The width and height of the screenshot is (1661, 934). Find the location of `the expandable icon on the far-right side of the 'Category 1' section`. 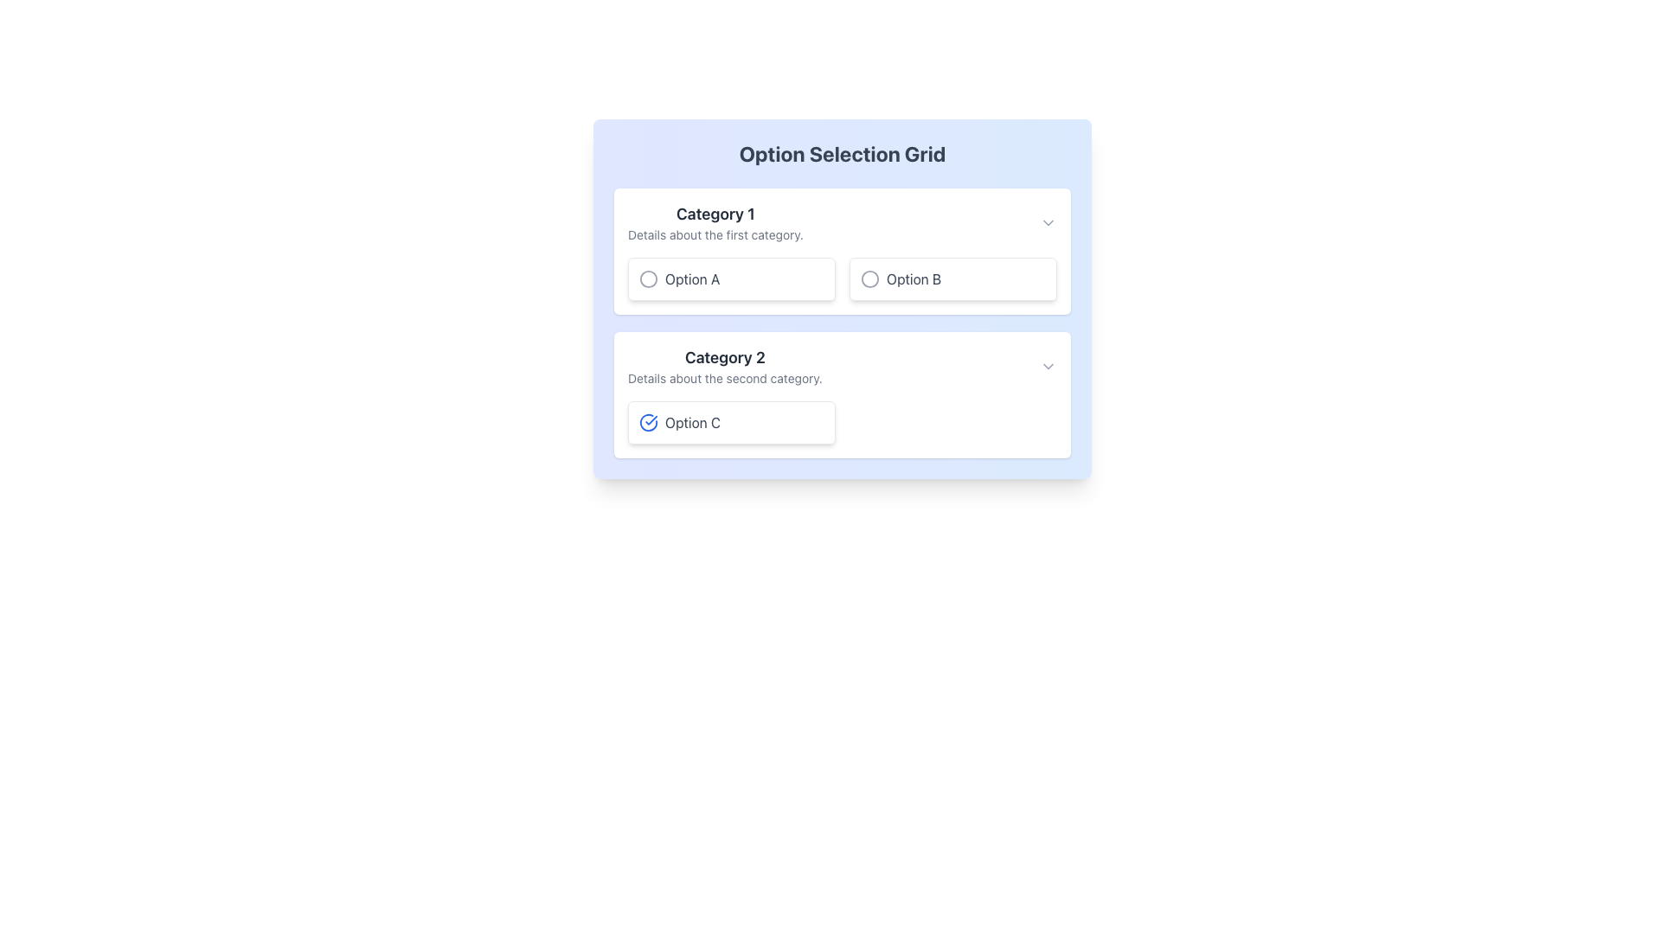

the expandable icon on the far-right side of the 'Category 1' section is located at coordinates (1047, 222).